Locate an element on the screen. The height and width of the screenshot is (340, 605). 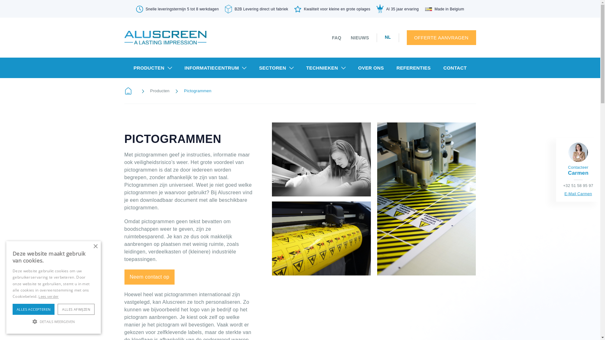
'Contacteer is located at coordinates (568, 170).